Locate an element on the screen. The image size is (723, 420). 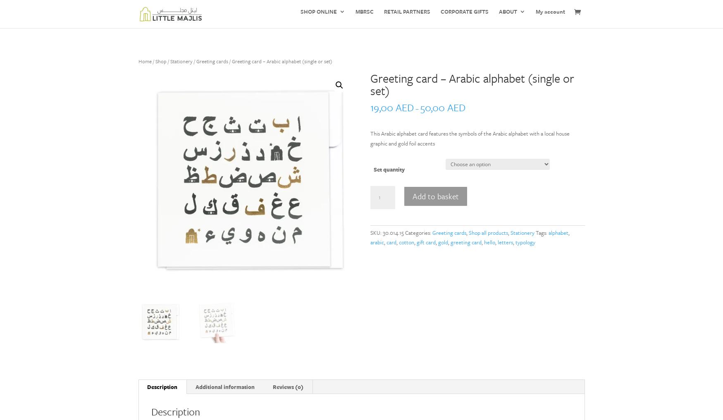
'Home' is located at coordinates (144, 61).